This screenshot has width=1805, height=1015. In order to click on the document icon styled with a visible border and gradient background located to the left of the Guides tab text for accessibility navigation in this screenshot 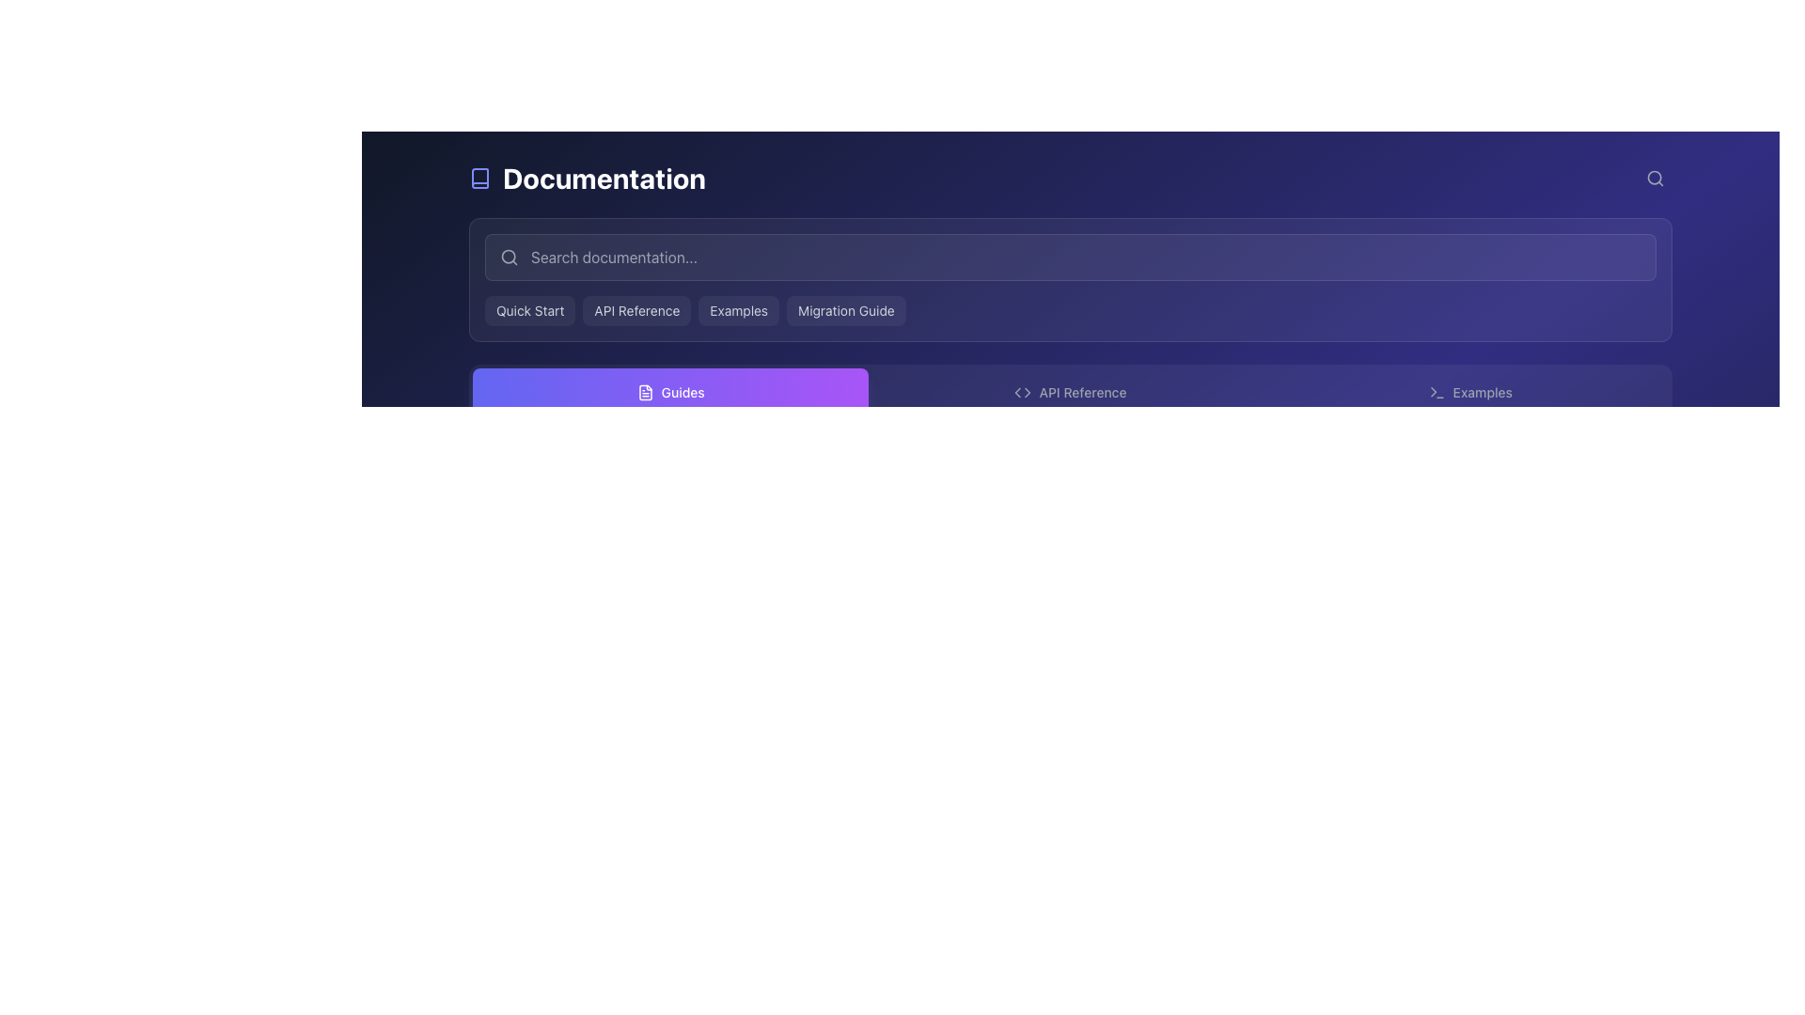, I will do `click(645, 391)`.